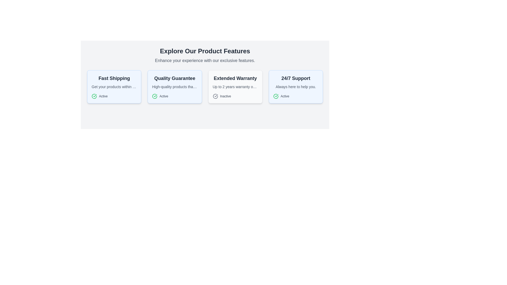  I want to click on the active status indicator icon for the 'Quality Guarantee' feature located in the second card labeled 'Quality Guarantee', so click(154, 96).